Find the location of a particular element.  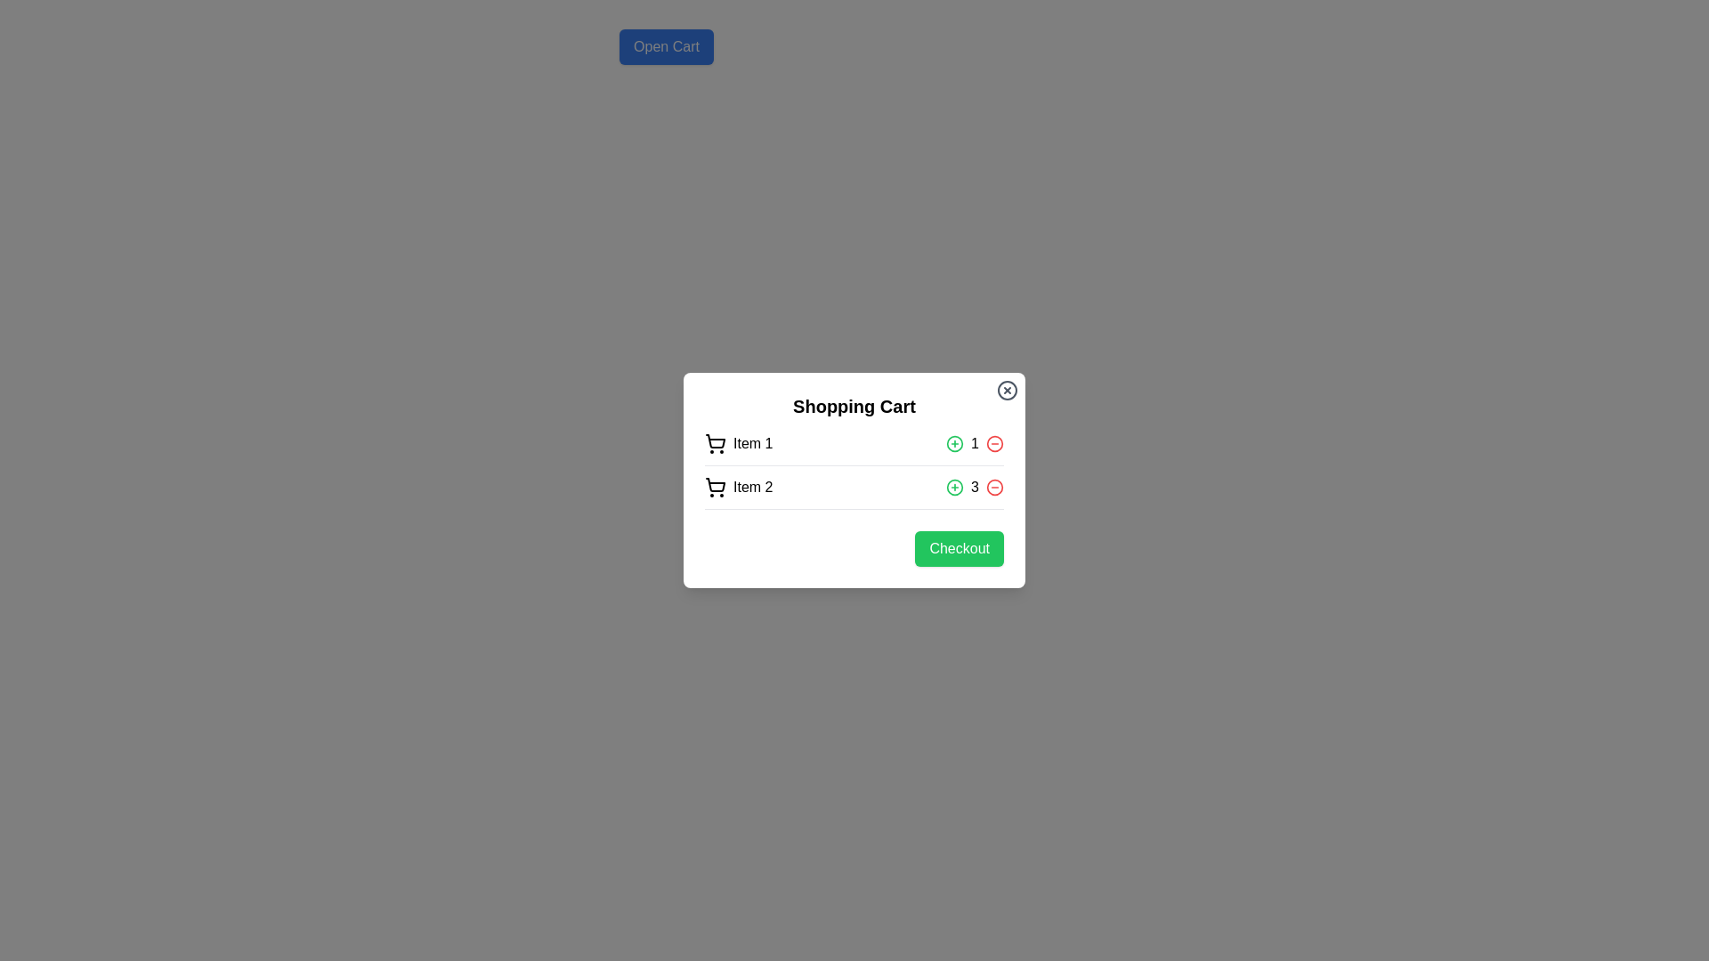

the green 'Checkout' button located in the bottom-right corner of the shopping cart pop-up, which features rounded corners and white text is located at coordinates (959, 548).